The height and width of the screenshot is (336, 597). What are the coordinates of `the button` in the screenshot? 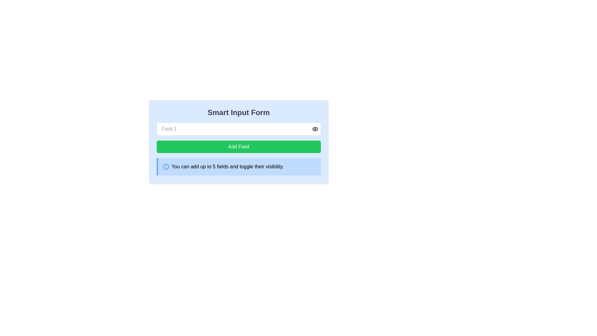 It's located at (238, 147).